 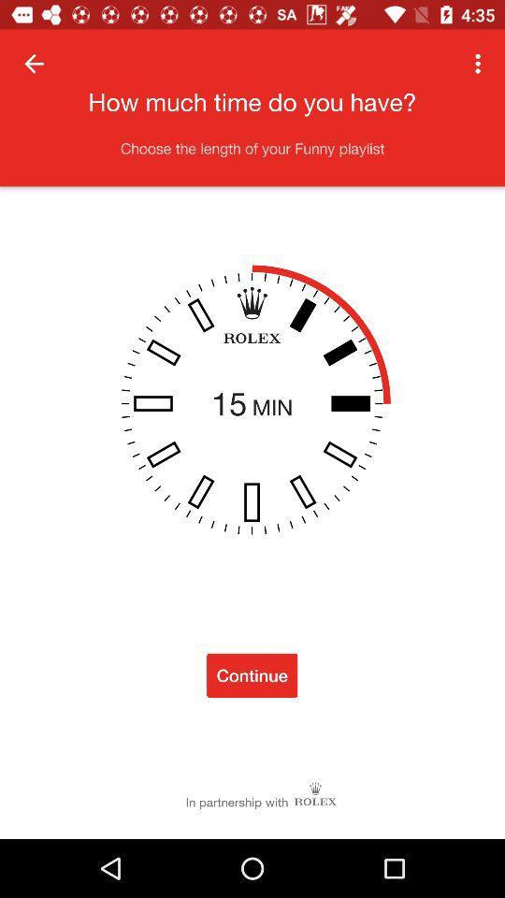 I want to click on the icon above the choose the length, so click(x=480, y=64).